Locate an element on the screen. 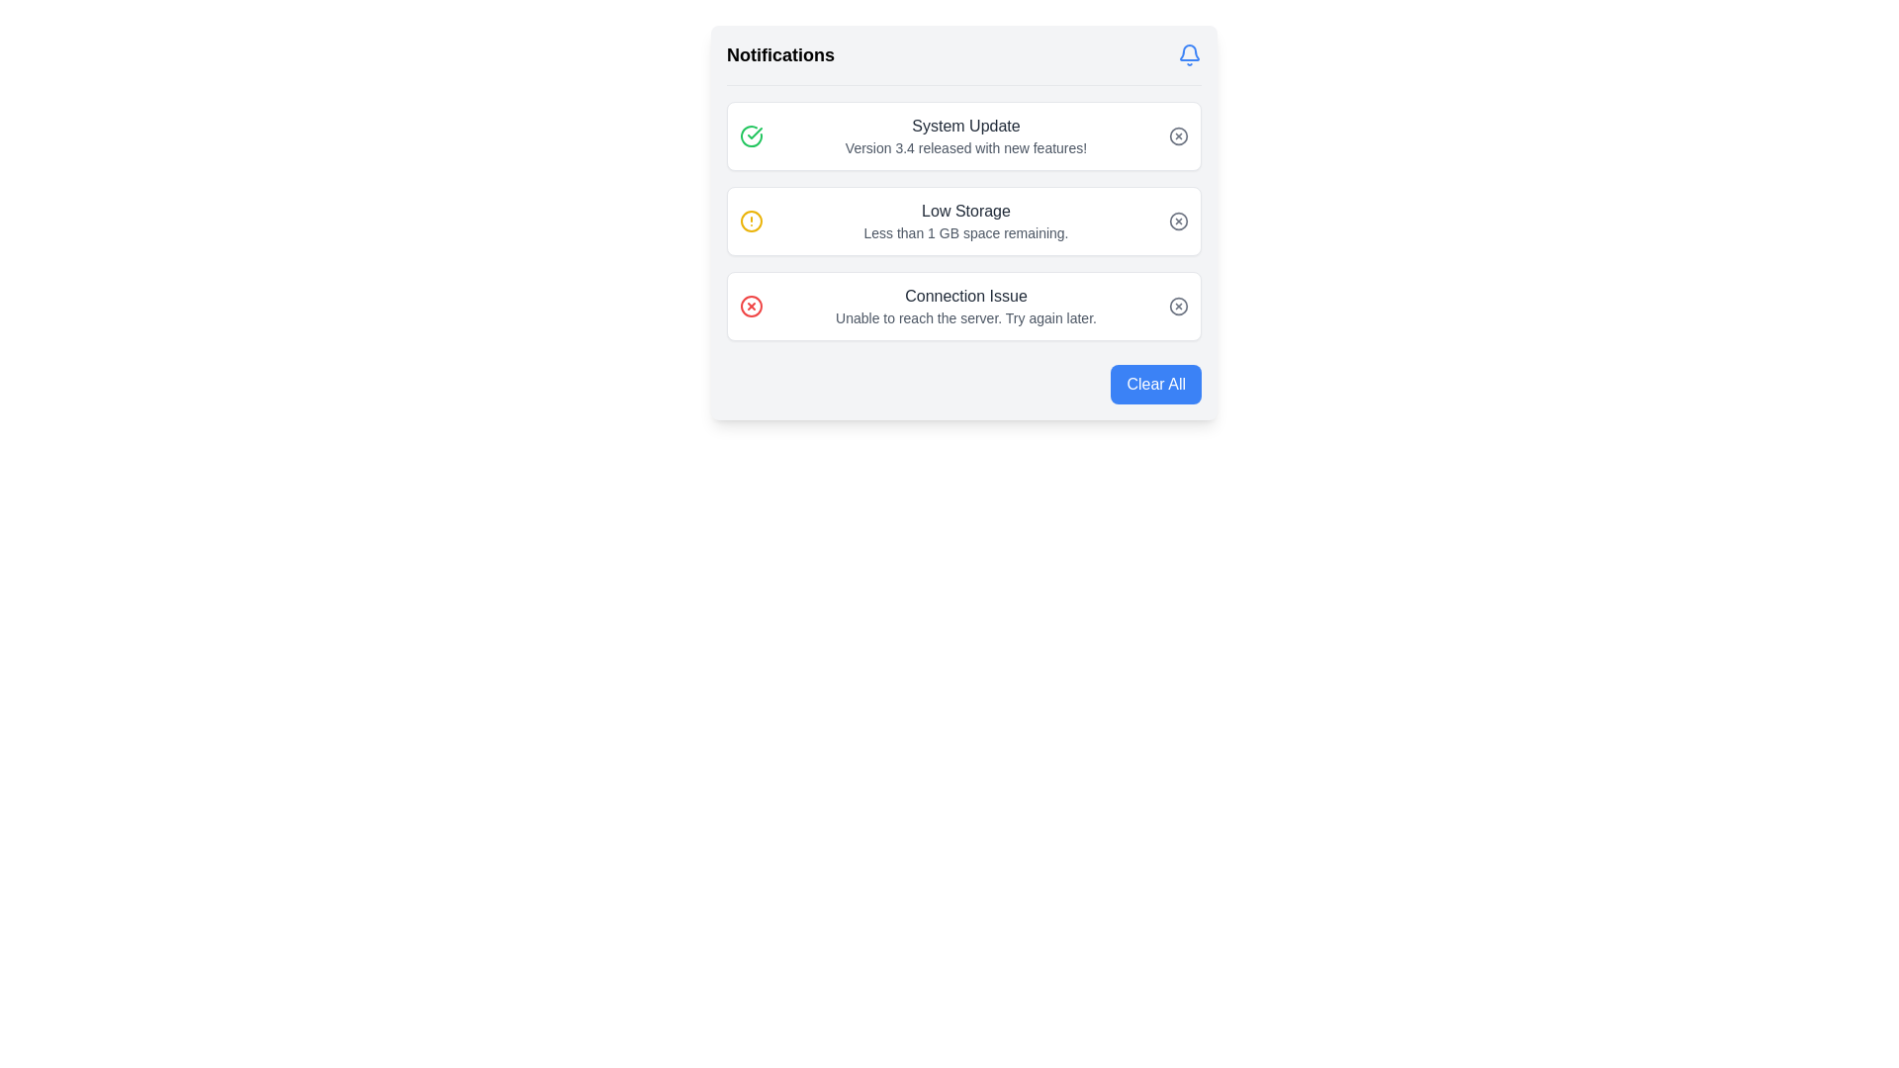 The image size is (1899, 1068). the 'Clear All' button, which is a rectangular button with rounded edges, a vibrant blue background, and white text, located at the bottom-right corner of the notification panel is located at coordinates (1156, 385).